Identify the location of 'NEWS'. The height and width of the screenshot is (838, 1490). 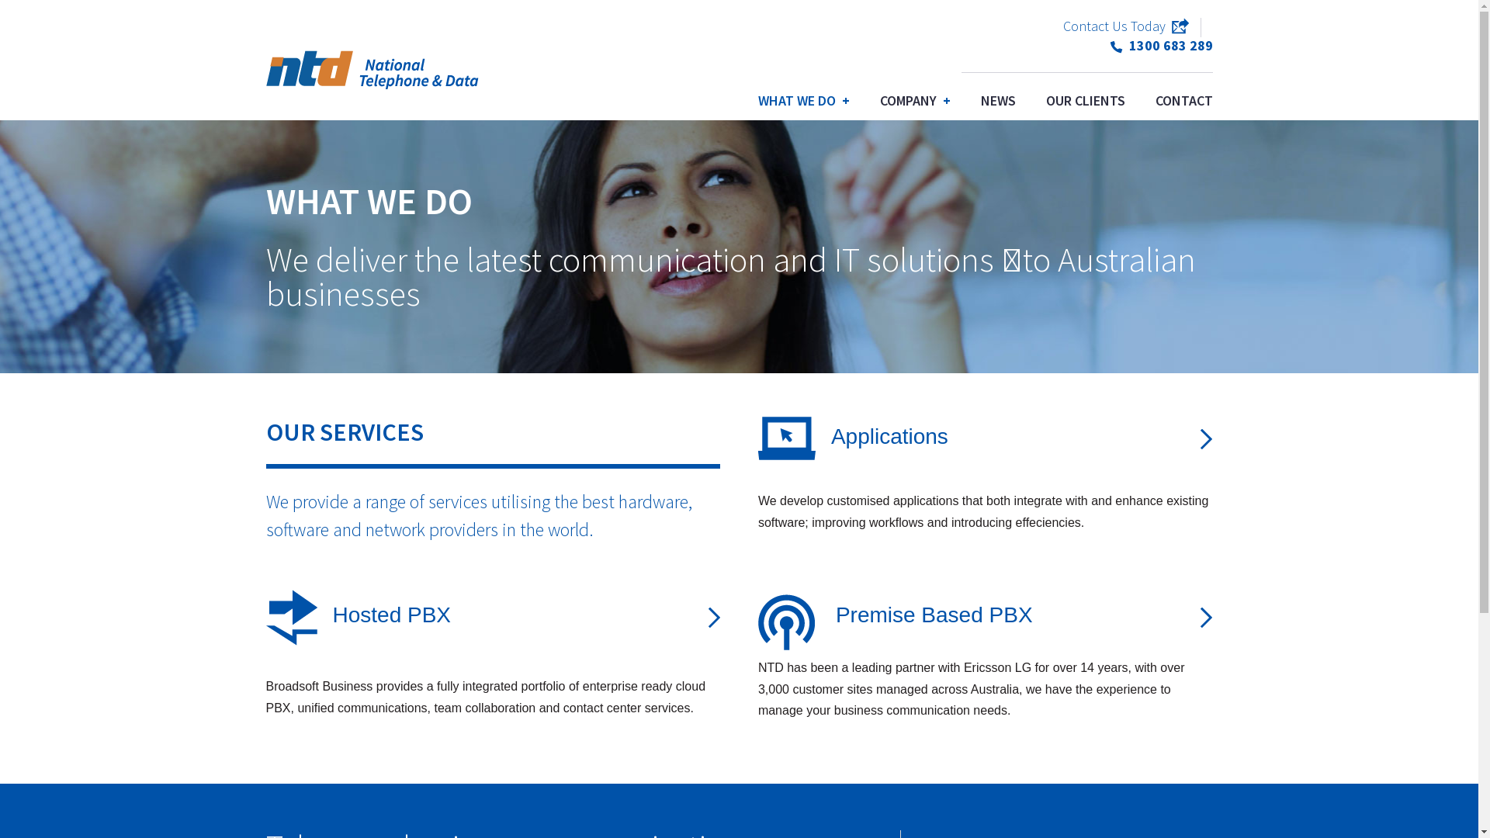
(998, 100).